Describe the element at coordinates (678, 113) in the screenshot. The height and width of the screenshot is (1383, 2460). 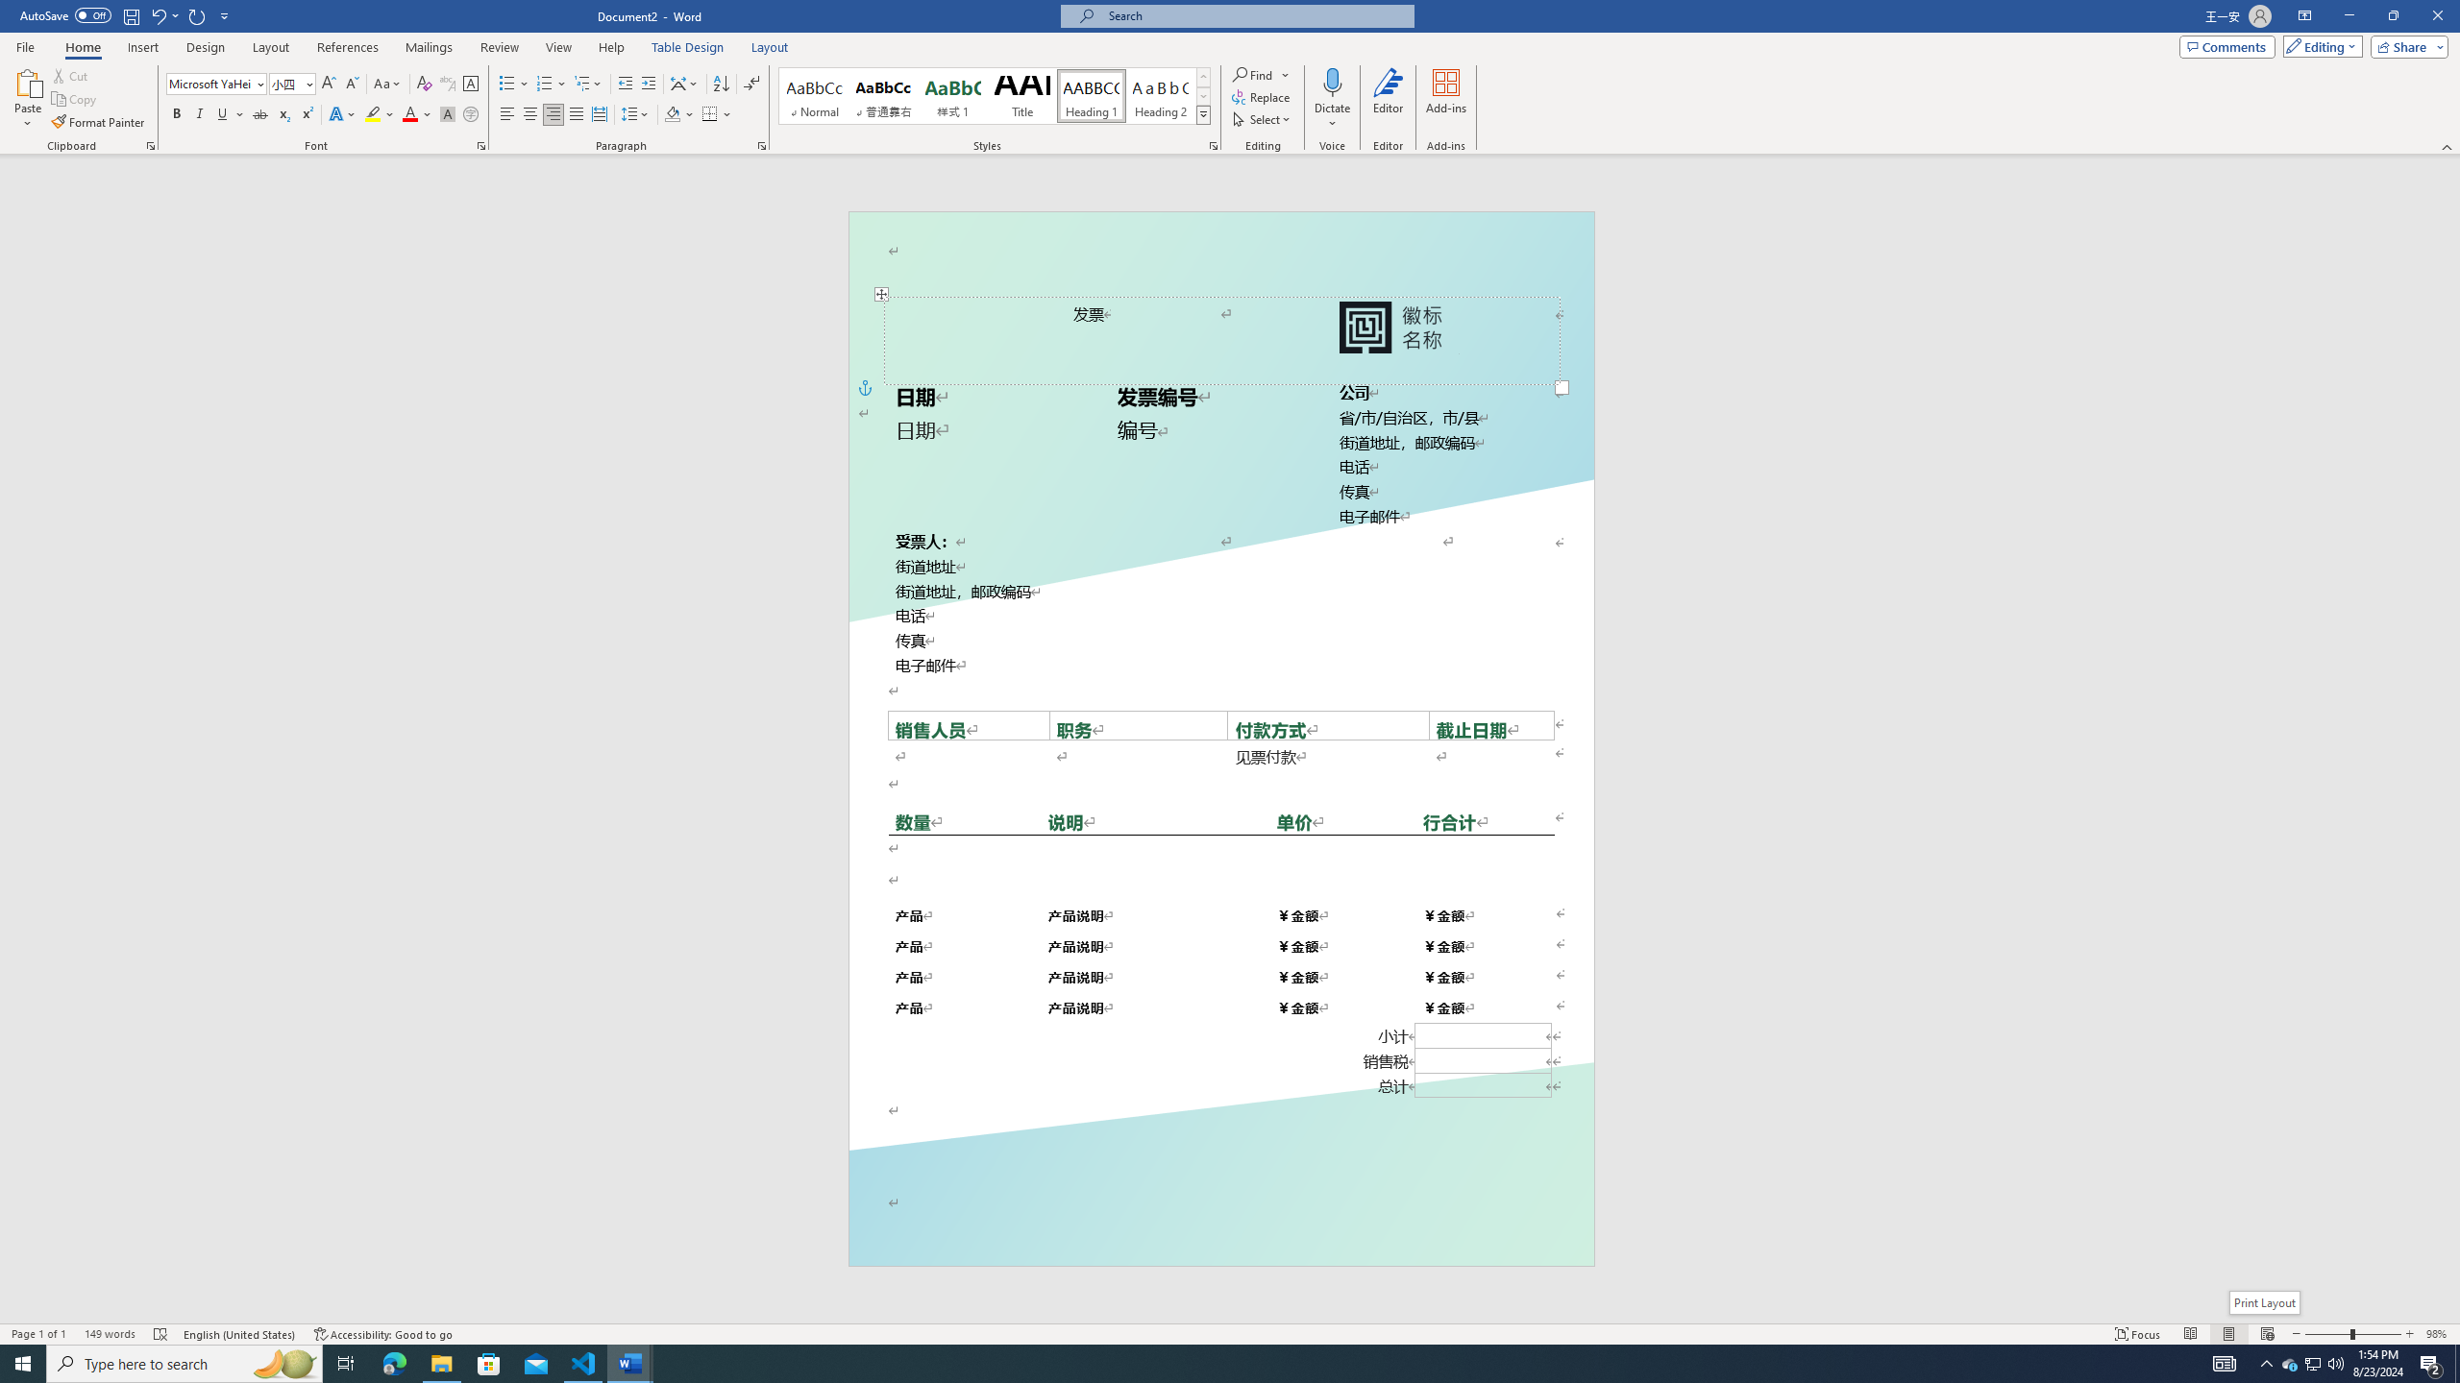
I see `'Shading'` at that location.